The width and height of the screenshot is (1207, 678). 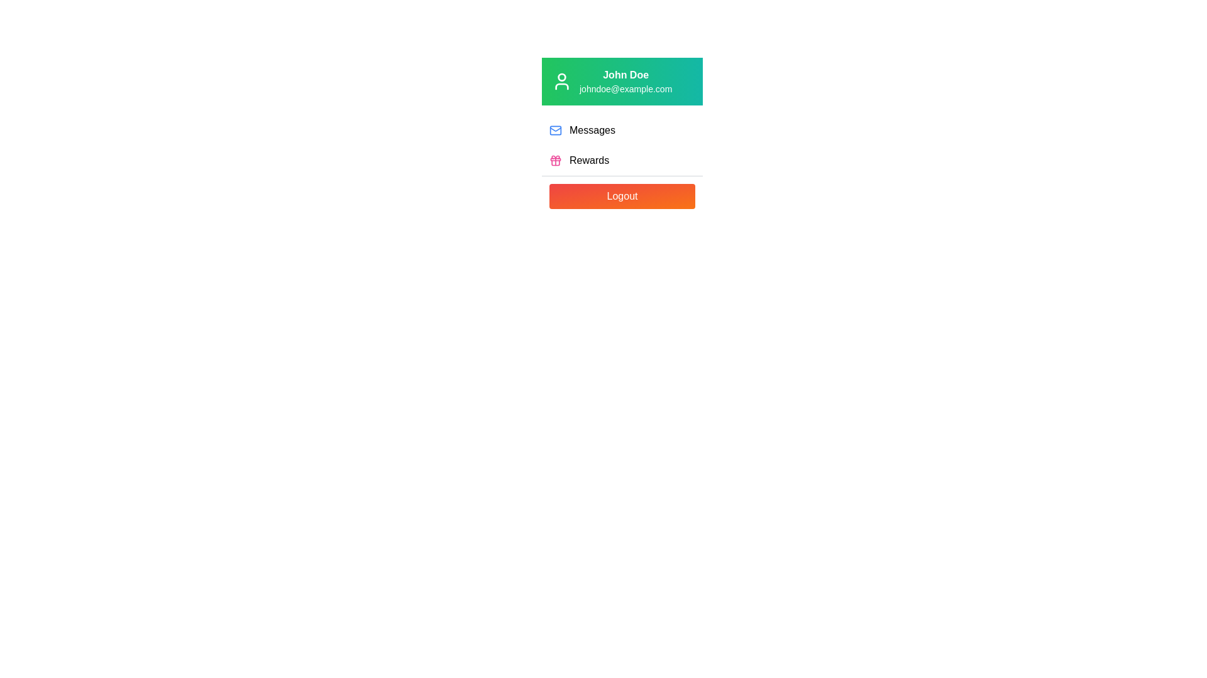 What do you see at coordinates (626, 75) in the screenshot?
I see `displayed text of the user name label located at the top center of the user profile representation, directly above the email address` at bounding box center [626, 75].